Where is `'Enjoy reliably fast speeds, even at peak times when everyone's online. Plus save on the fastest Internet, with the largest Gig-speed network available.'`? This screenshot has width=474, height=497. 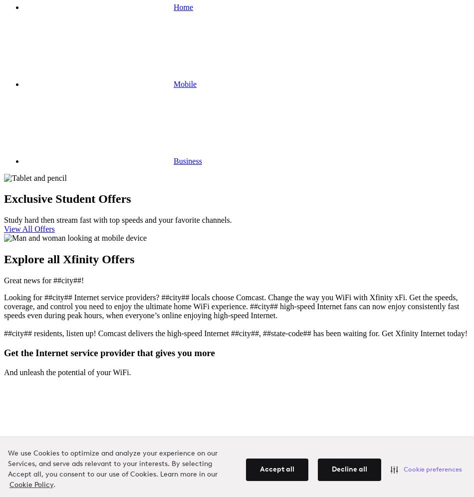
'Enjoy reliably fast speeds, even at peak times when everyone's online. Plus save on the fastest Internet, with the largest Gig-speed network available.' is located at coordinates (225, 470).